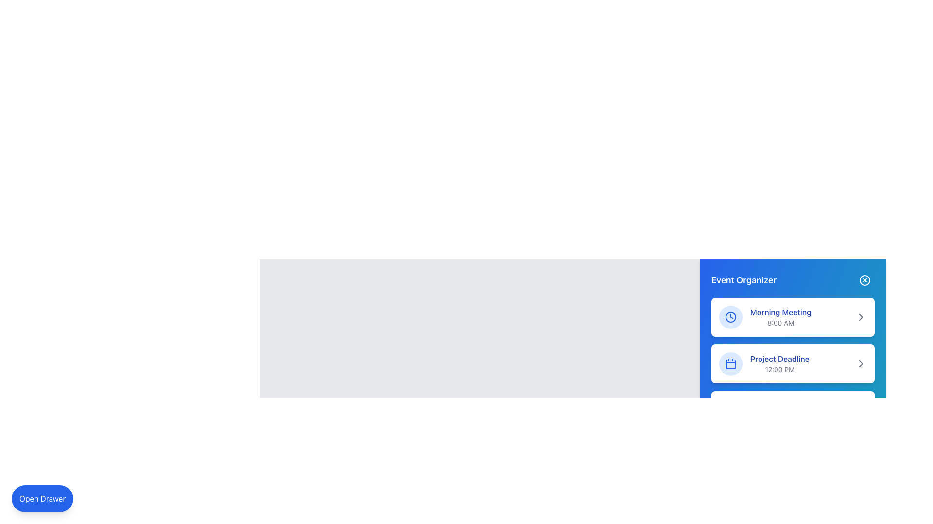  What do you see at coordinates (861, 363) in the screenshot?
I see `the chevron icon located on the far-right side of the 'Project Deadline' section in the 'Event Organizer' widget` at bounding box center [861, 363].